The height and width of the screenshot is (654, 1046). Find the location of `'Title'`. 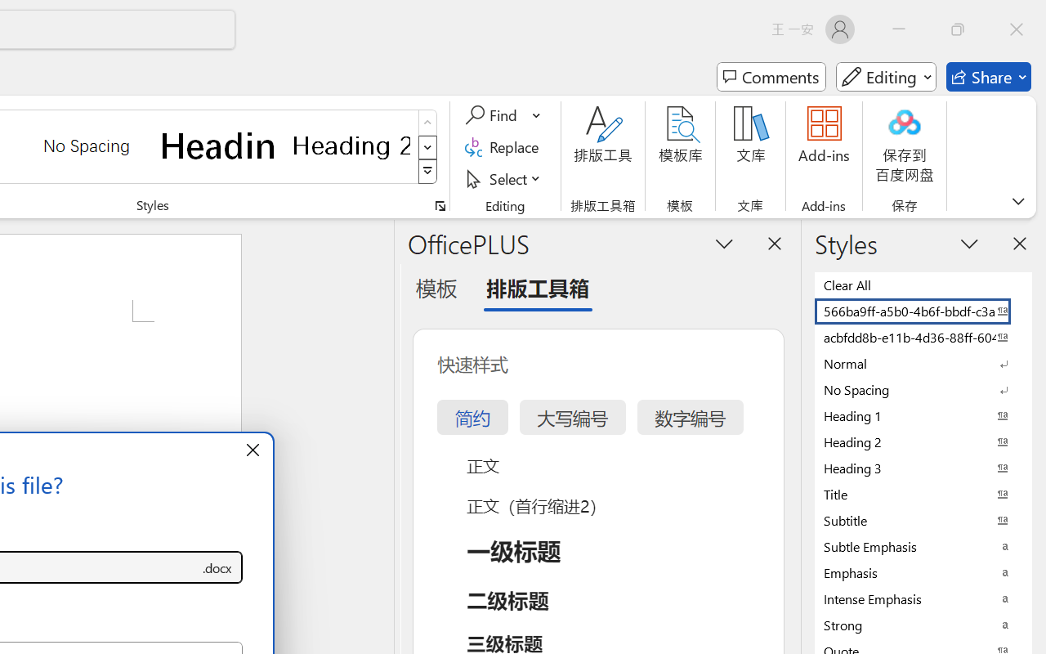

'Title' is located at coordinates (923, 494).